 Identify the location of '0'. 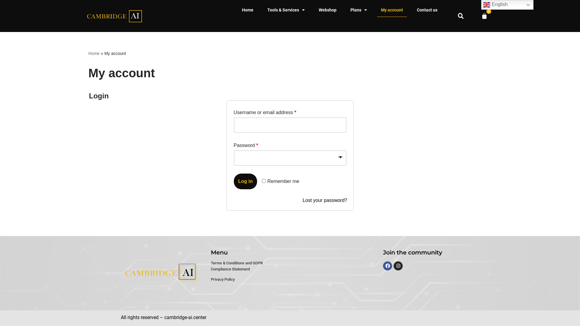
(484, 16).